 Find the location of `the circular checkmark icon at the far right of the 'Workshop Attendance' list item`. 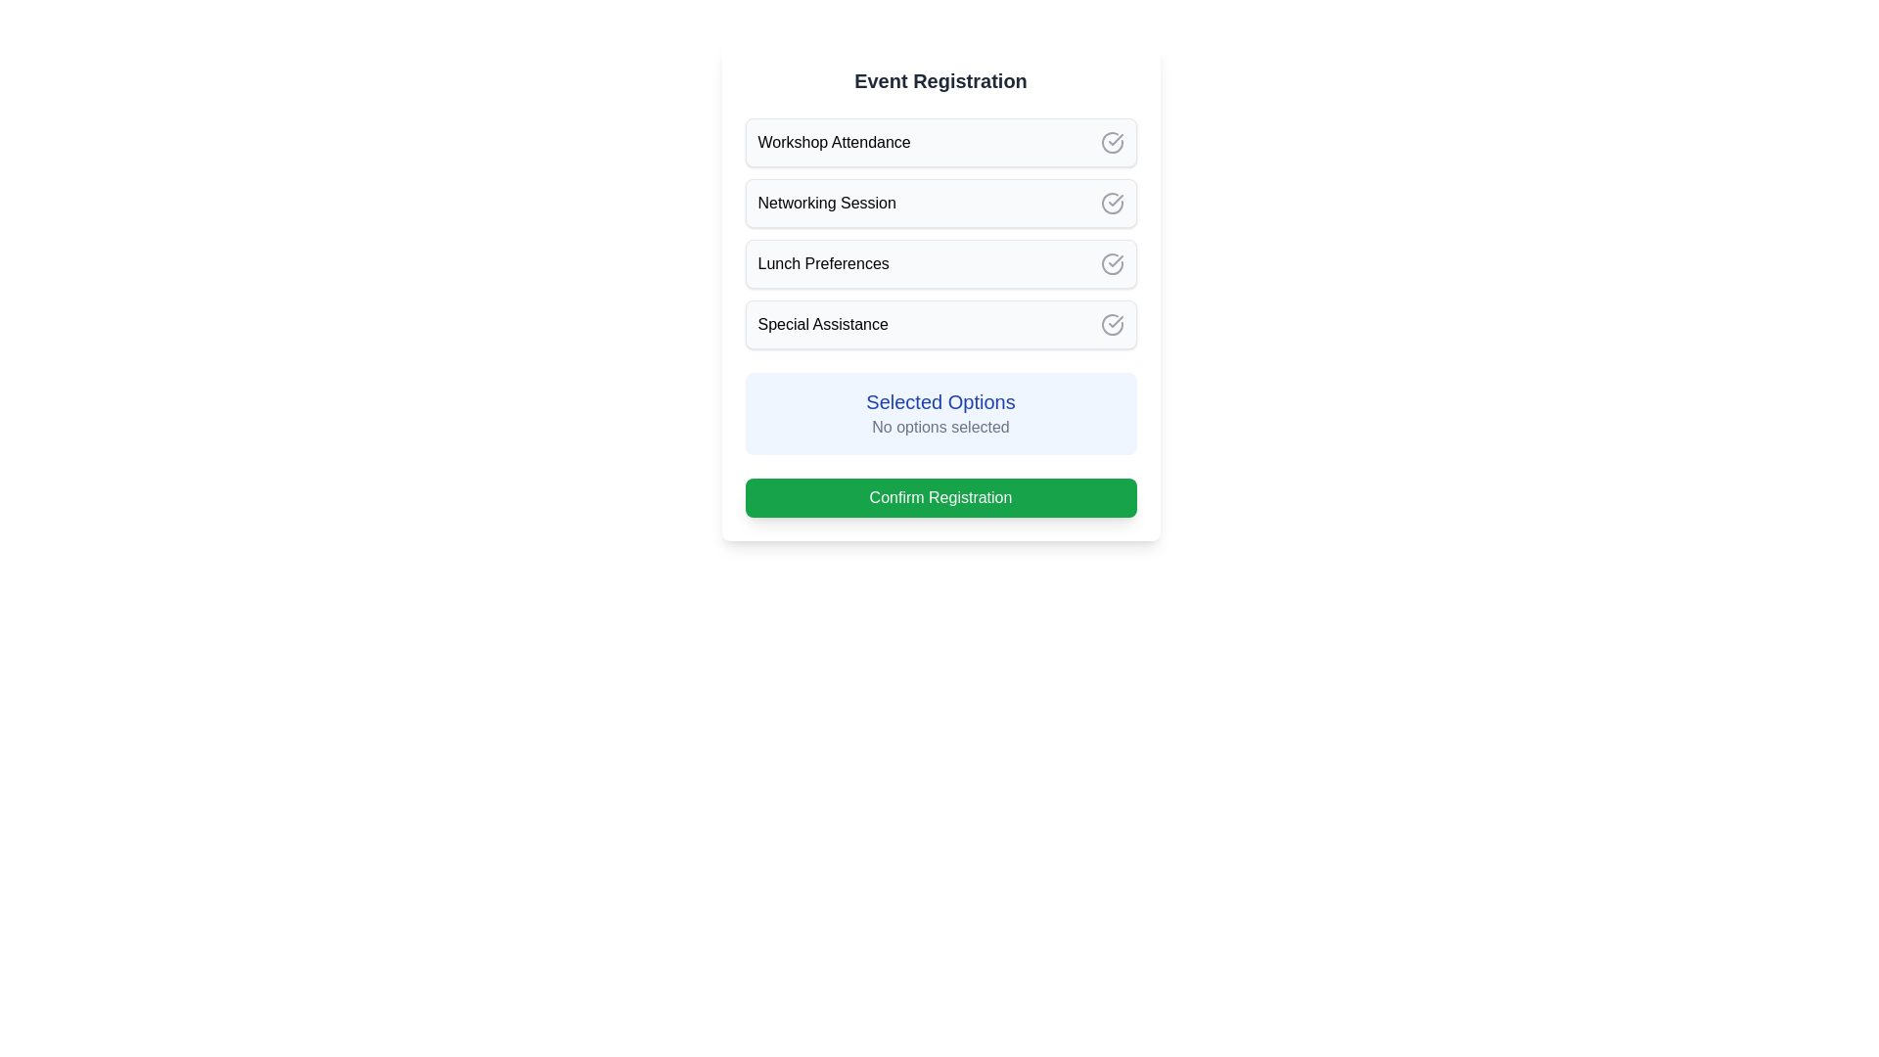

the circular checkmark icon at the far right of the 'Workshop Attendance' list item is located at coordinates (1112, 142).